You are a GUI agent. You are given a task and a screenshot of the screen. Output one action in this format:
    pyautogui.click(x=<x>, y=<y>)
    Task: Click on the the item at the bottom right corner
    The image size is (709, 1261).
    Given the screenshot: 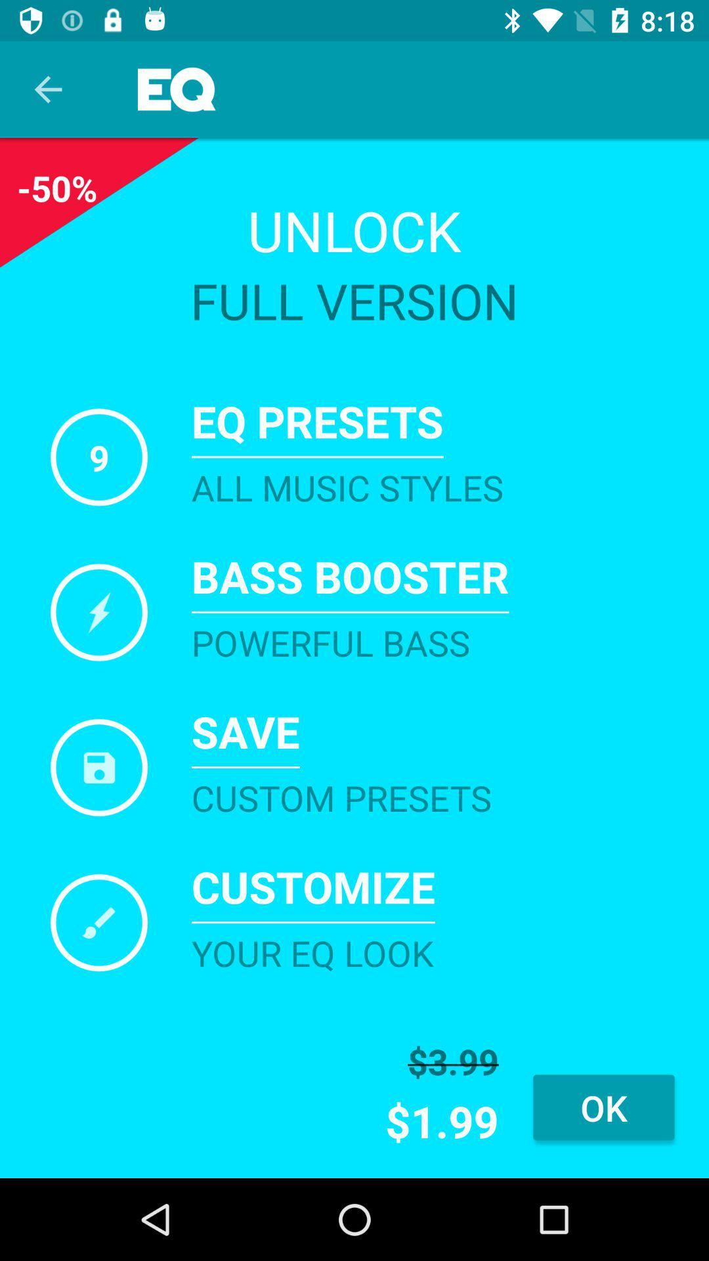 What is the action you would take?
    pyautogui.click(x=603, y=1107)
    